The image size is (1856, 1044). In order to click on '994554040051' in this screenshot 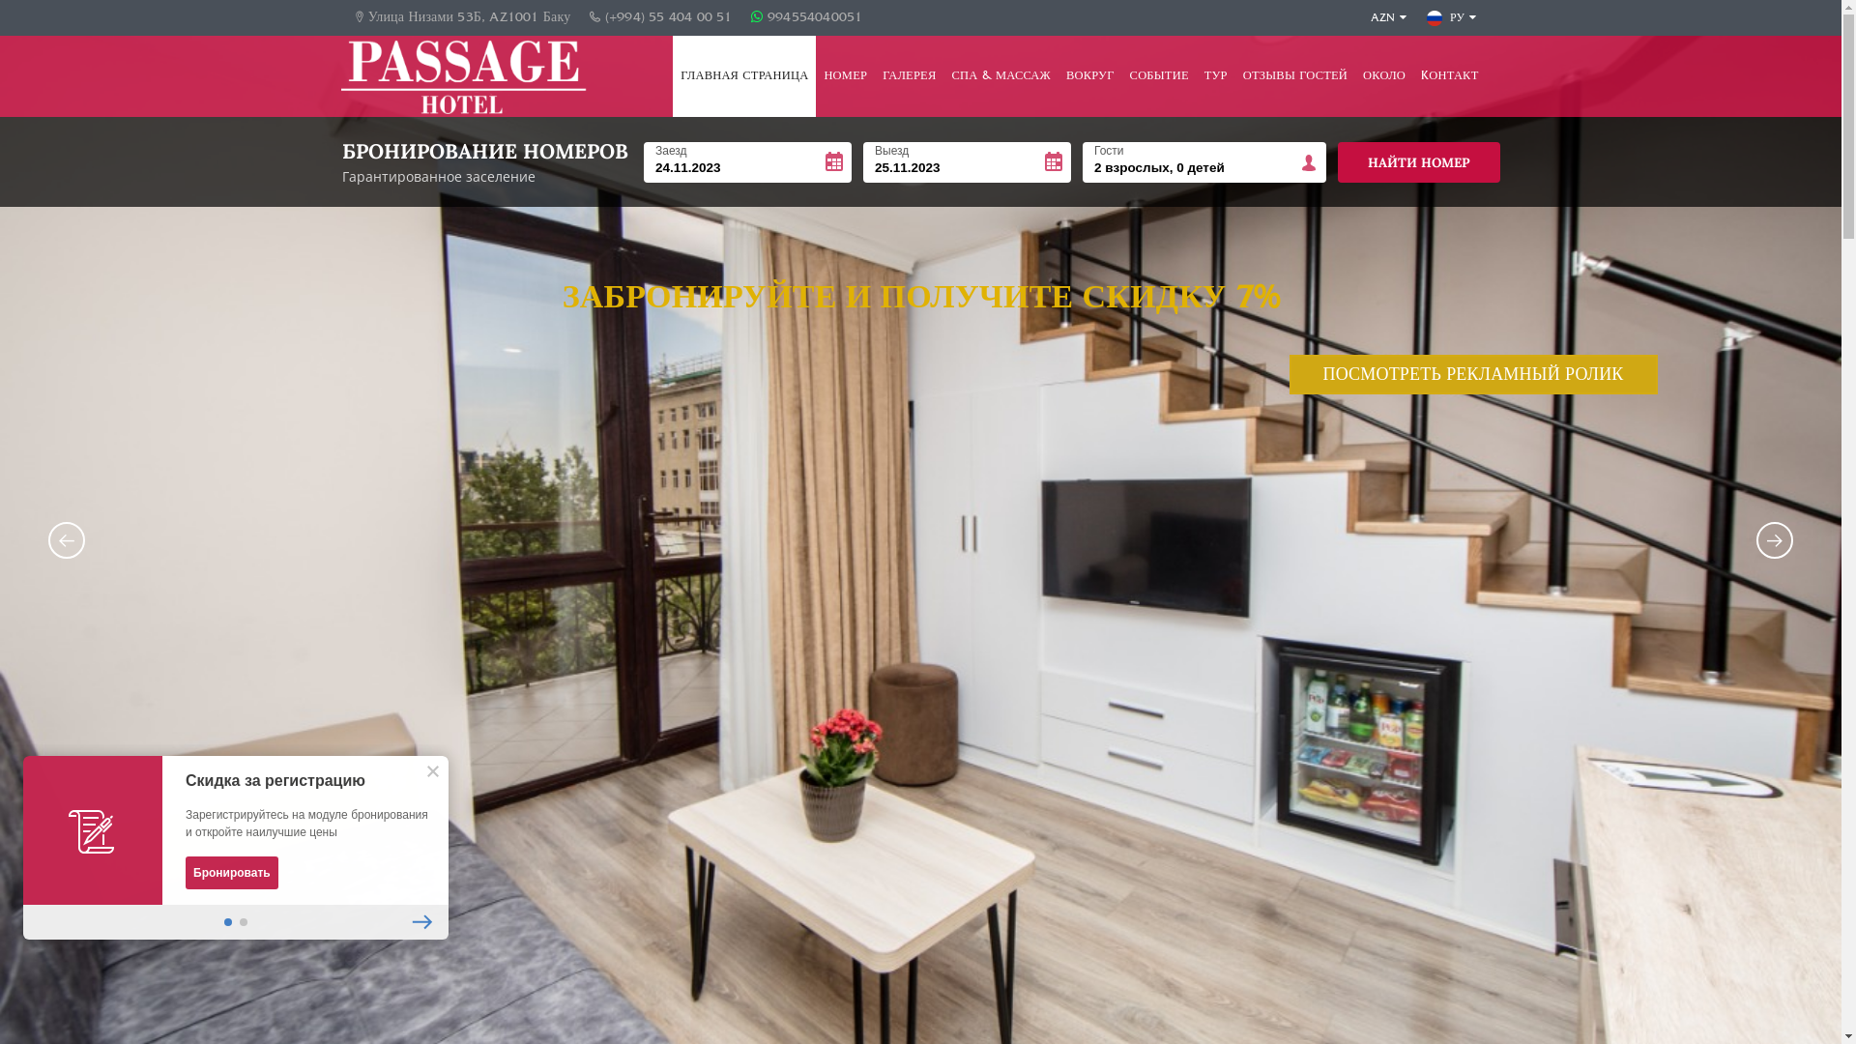, I will do `click(807, 16)`.